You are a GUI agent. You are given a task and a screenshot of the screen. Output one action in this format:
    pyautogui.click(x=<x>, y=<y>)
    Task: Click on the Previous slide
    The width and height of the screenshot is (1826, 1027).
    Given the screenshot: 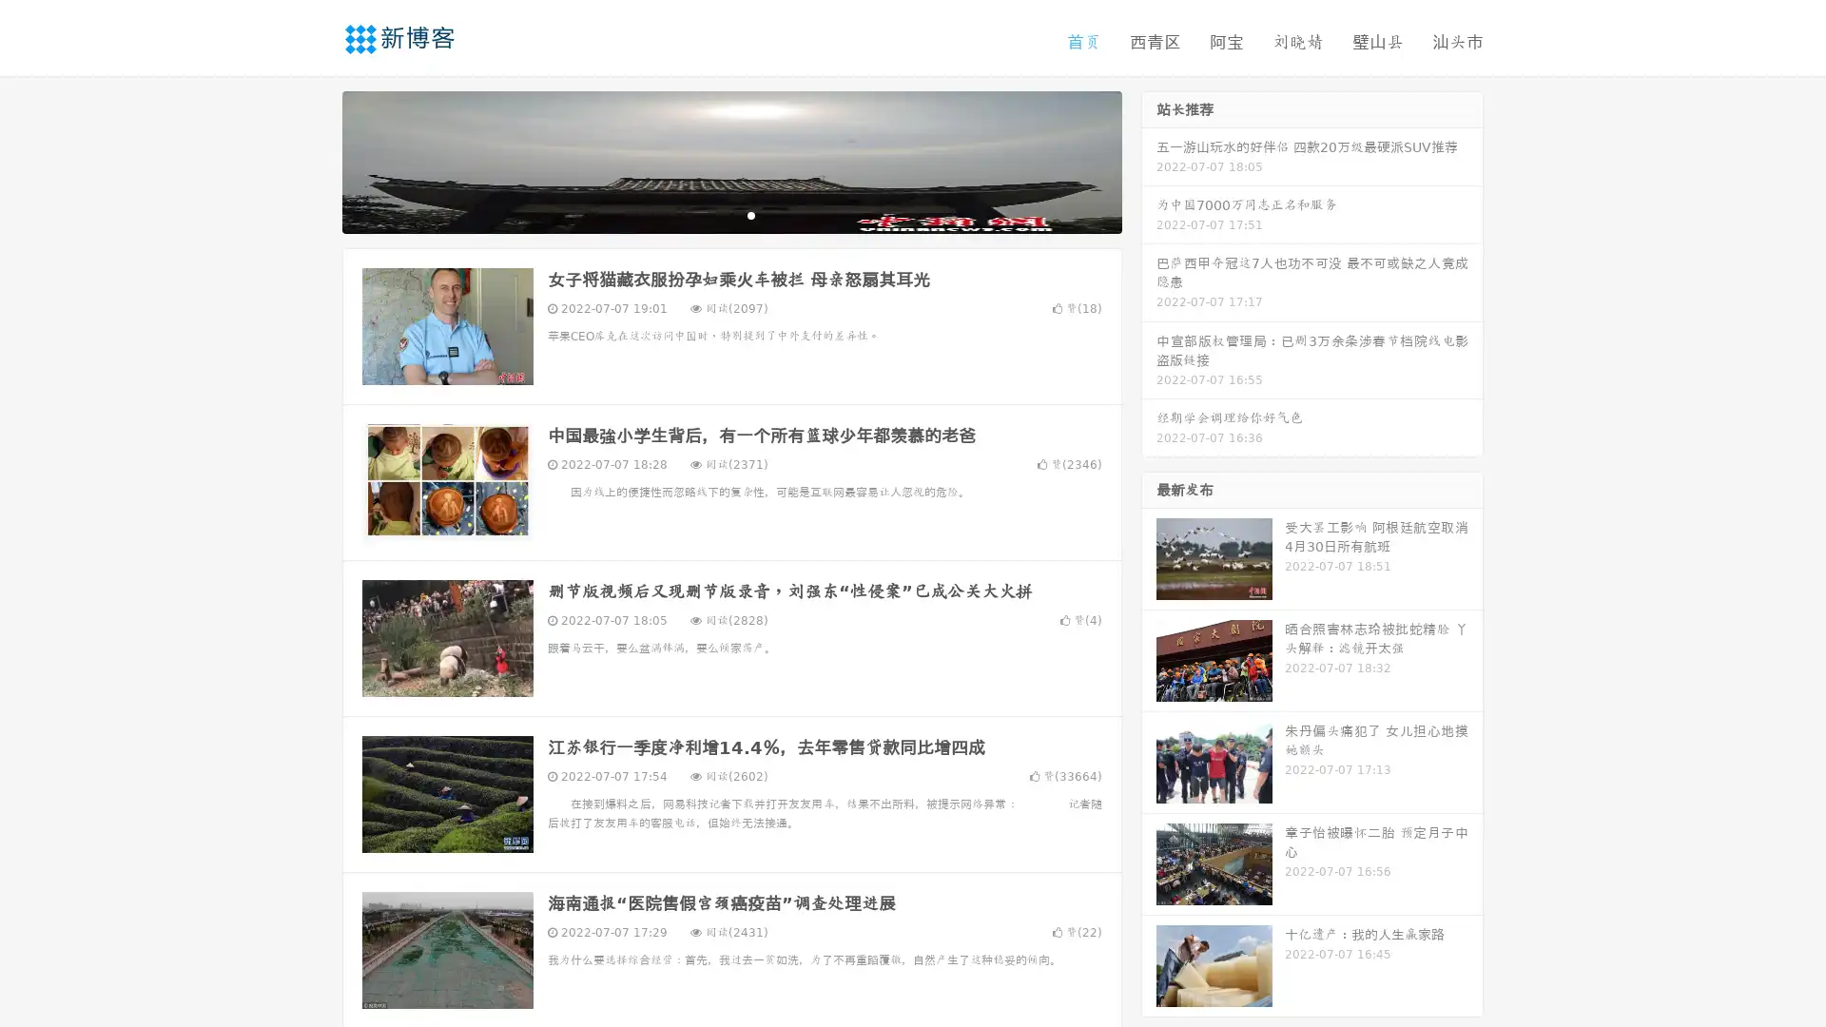 What is the action you would take?
    pyautogui.click(x=314, y=160)
    